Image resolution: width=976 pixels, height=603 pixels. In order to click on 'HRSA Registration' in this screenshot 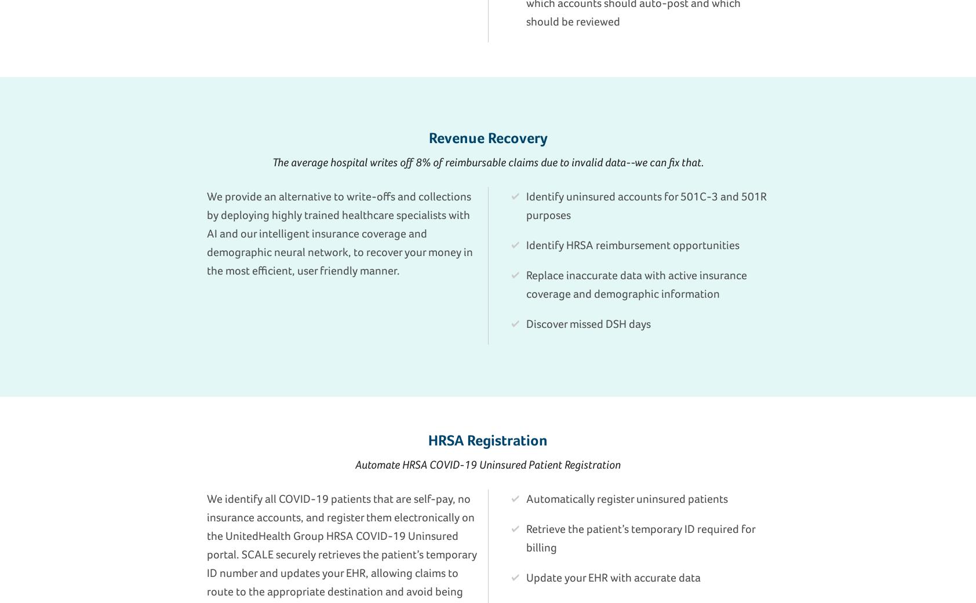, I will do `click(488, 439)`.